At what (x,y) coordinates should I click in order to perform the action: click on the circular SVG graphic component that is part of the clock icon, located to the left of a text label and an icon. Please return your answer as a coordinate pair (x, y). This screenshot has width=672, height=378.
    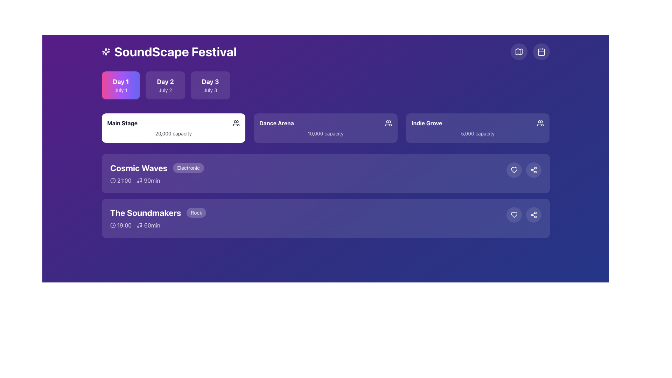
    Looking at the image, I should click on (113, 225).